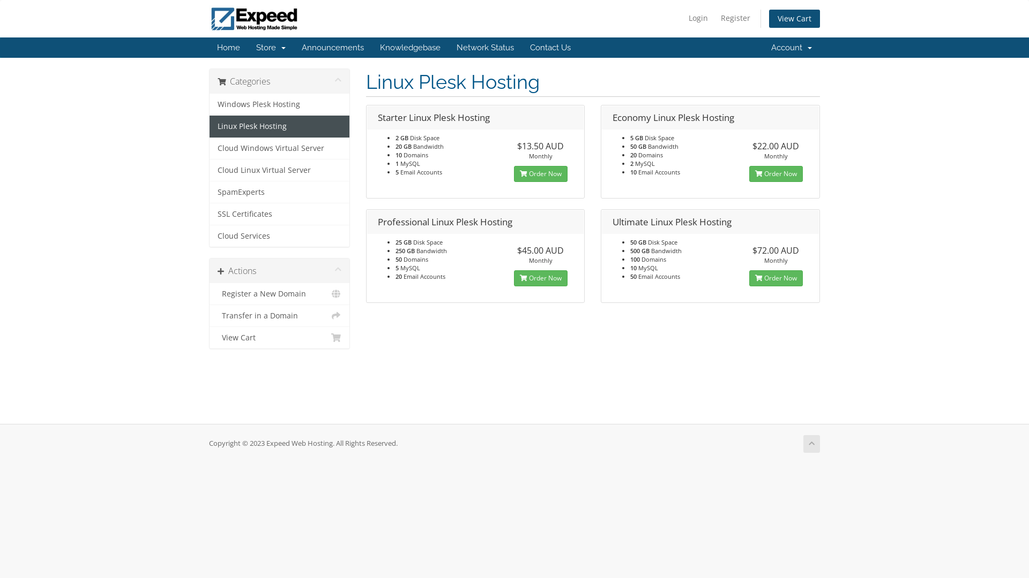 The image size is (1029, 578). I want to click on 'View Cart', so click(769, 18).